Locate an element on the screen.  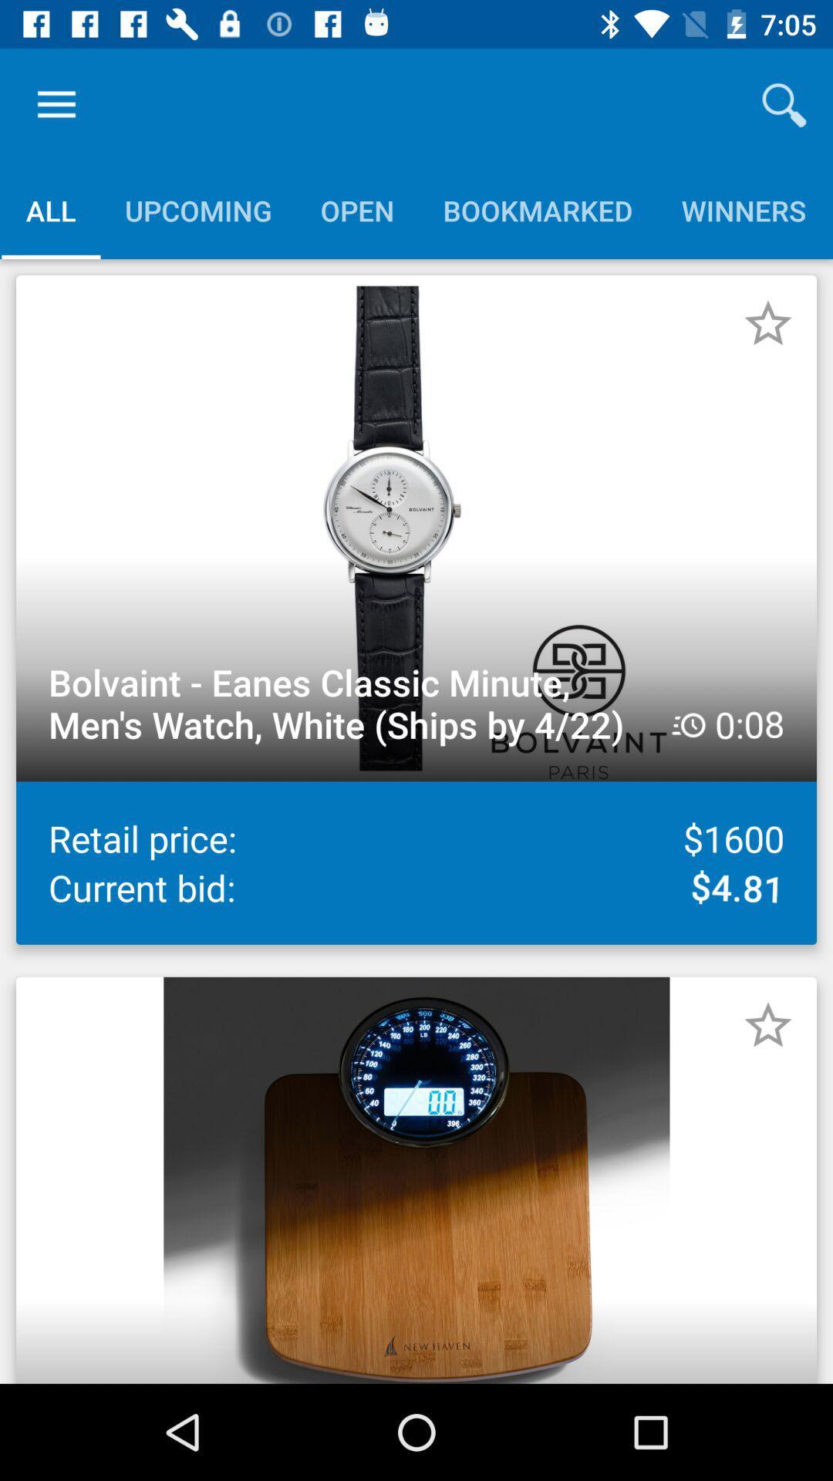
as favourite is located at coordinates (767, 1025).